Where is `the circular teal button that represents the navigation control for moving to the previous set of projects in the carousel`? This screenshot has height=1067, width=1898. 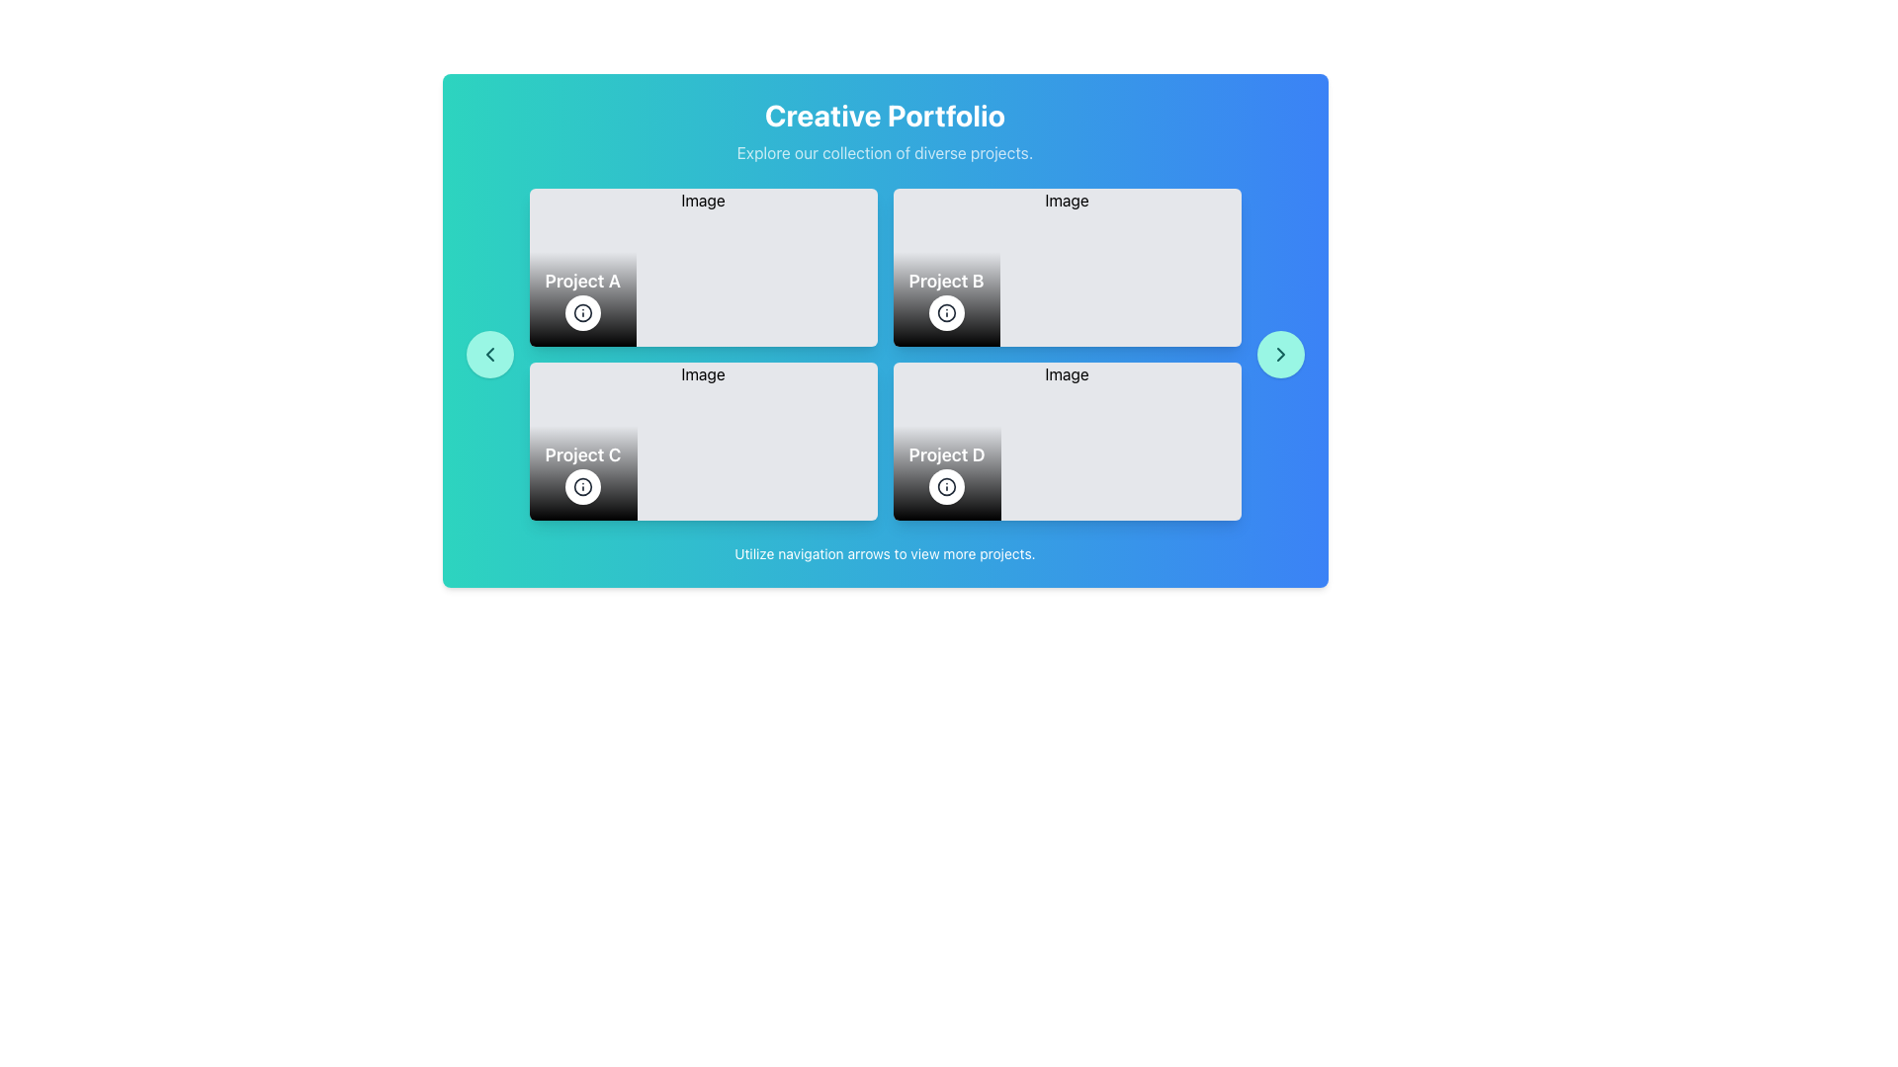
the circular teal button that represents the navigation control for moving to the previous set of projects in the carousel is located at coordinates (489, 353).